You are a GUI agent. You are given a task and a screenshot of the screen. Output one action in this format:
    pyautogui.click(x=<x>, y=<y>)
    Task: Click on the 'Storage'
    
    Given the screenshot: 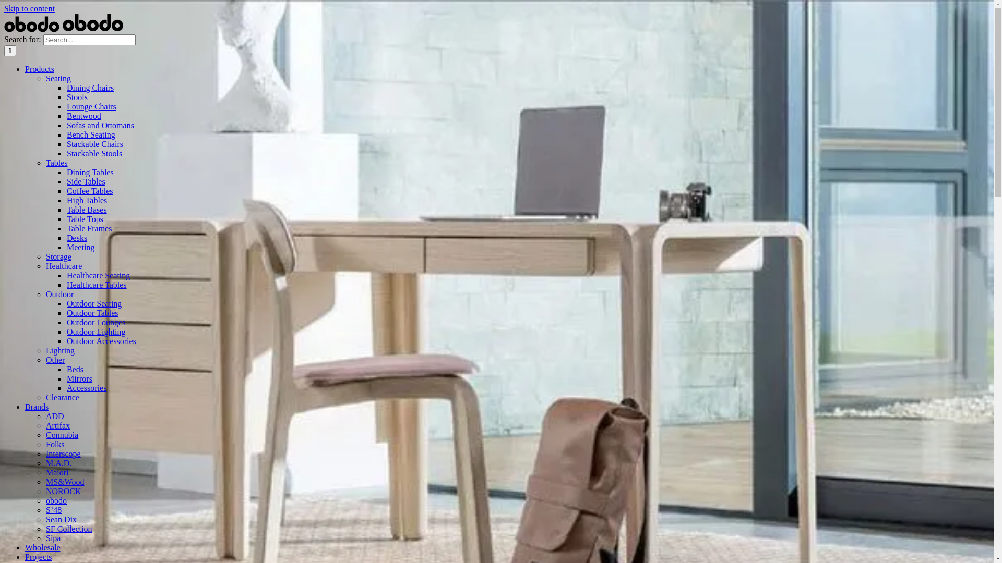 What is the action you would take?
    pyautogui.click(x=58, y=256)
    